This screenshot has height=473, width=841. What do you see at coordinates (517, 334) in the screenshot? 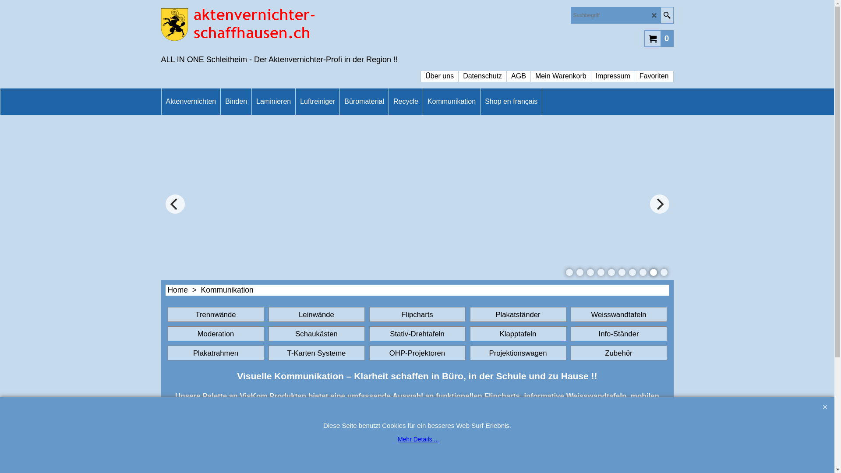
I see `'Klapptafeln'` at bounding box center [517, 334].